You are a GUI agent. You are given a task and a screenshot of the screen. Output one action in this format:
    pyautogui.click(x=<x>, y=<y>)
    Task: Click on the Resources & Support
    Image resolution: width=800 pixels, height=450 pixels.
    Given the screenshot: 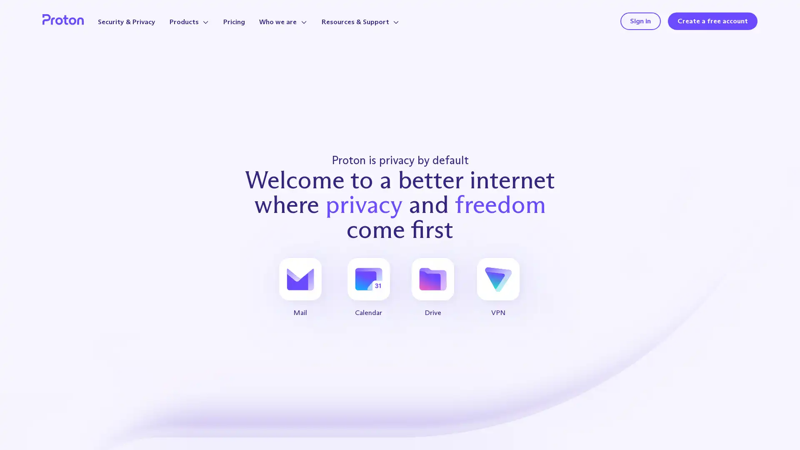 What is the action you would take?
    pyautogui.click(x=360, y=21)
    